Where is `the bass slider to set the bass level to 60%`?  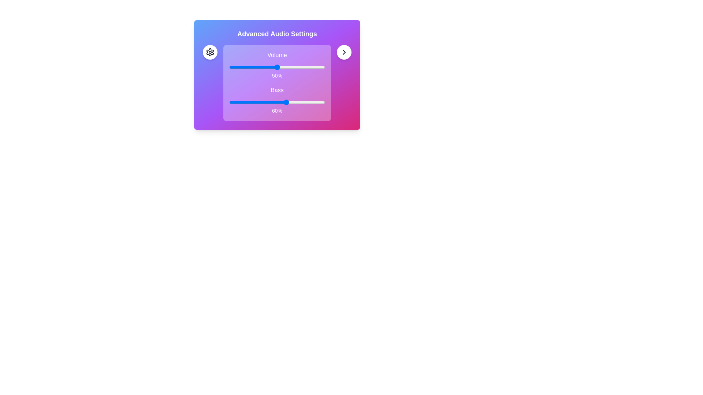 the bass slider to set the bass level to 60% is located at coordinates (286, 102).